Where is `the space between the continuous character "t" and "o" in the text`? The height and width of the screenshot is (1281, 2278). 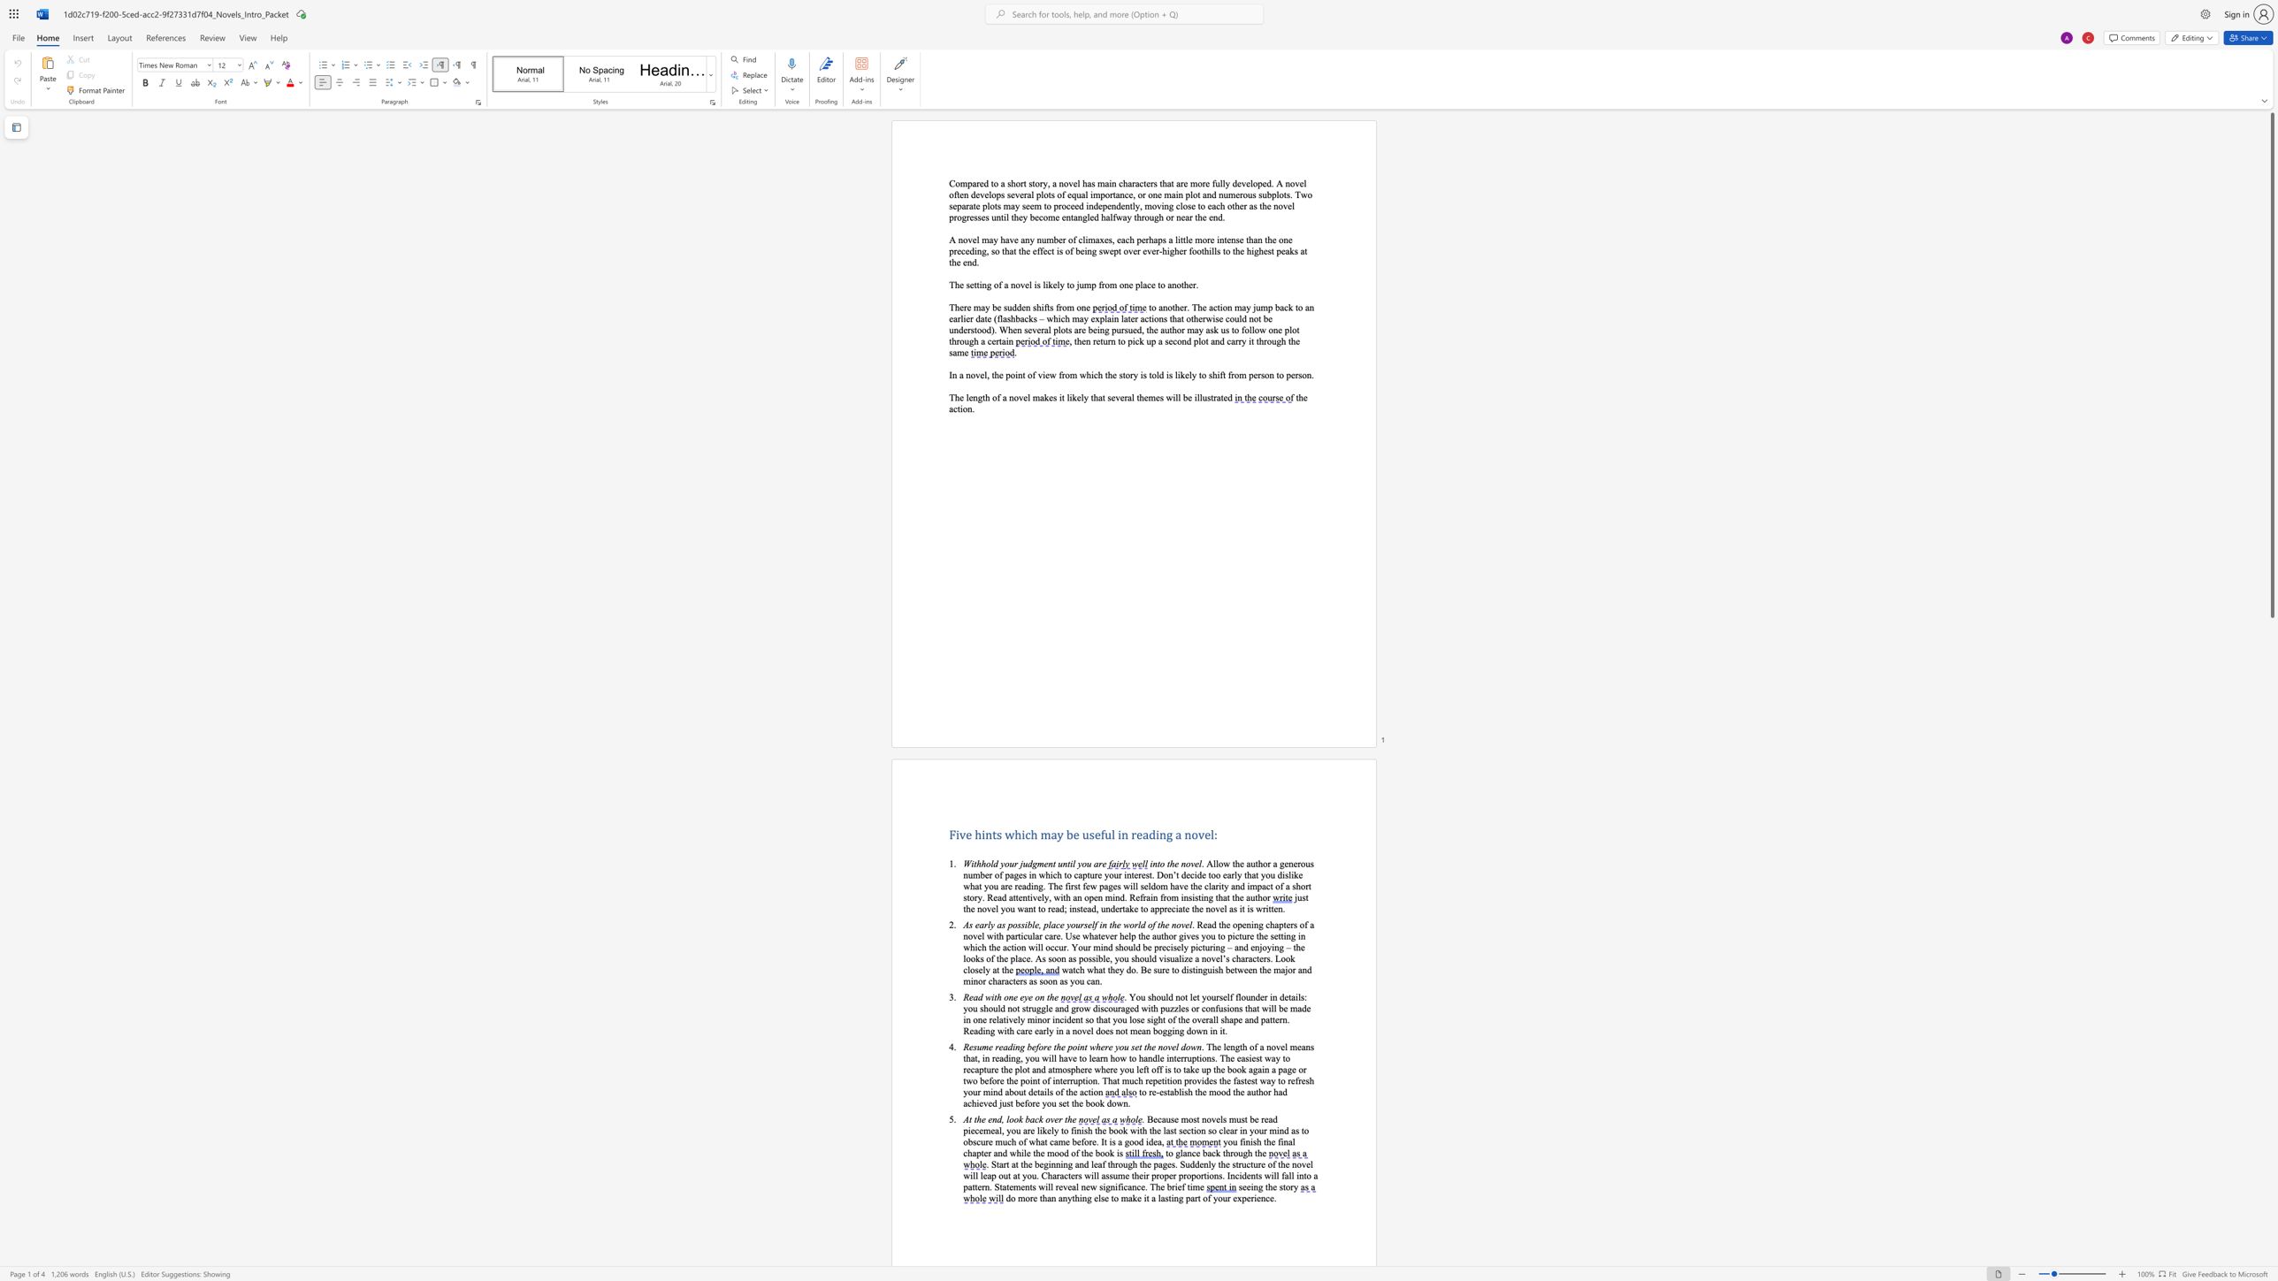 the space between the continuous character "t" and "o" in the text is located at coordinates (1285, 1186).